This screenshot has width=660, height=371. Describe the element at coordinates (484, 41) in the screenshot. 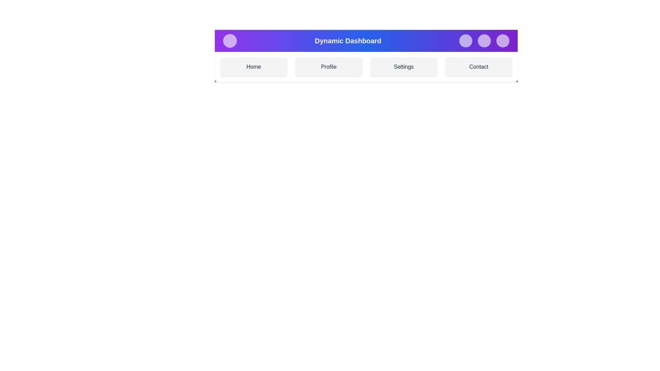

I see `notifications button in the top-right corner` at that location.